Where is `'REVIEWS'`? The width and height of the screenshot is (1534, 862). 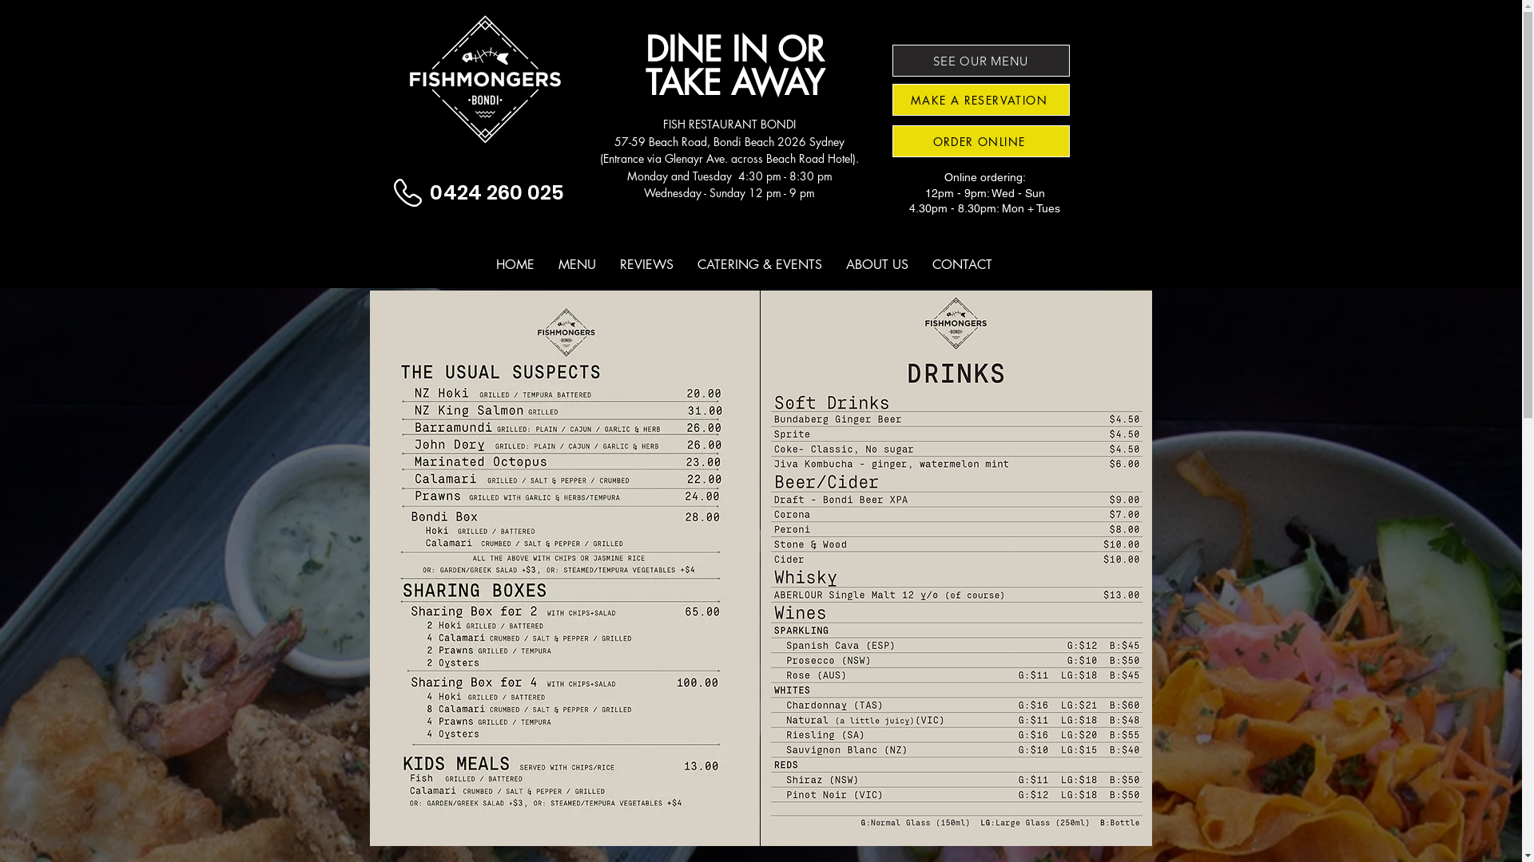
'REVIEWS' is located at coordinates (646, 263).